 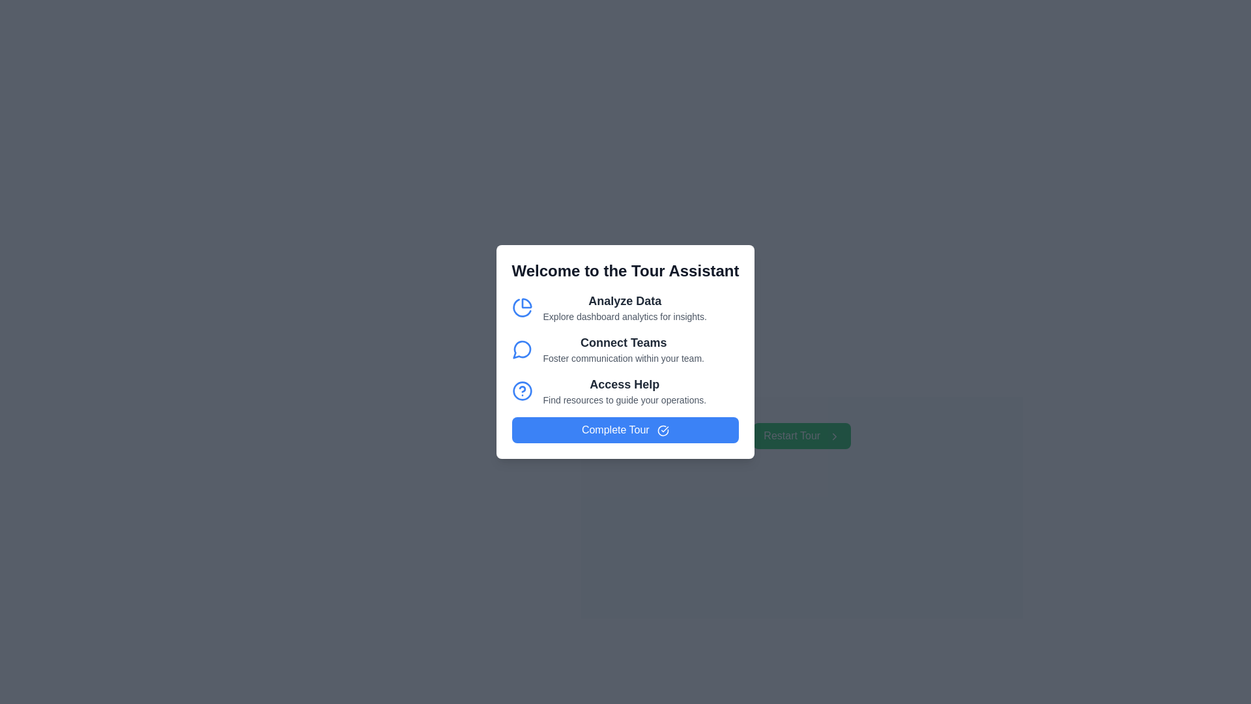 I want to click on the Decorative Text Block that presents an analytics-related option, located below the heading 'Welcome to the Tour Assistant' and above 'Connect Teams', so click(x=625, y=307).